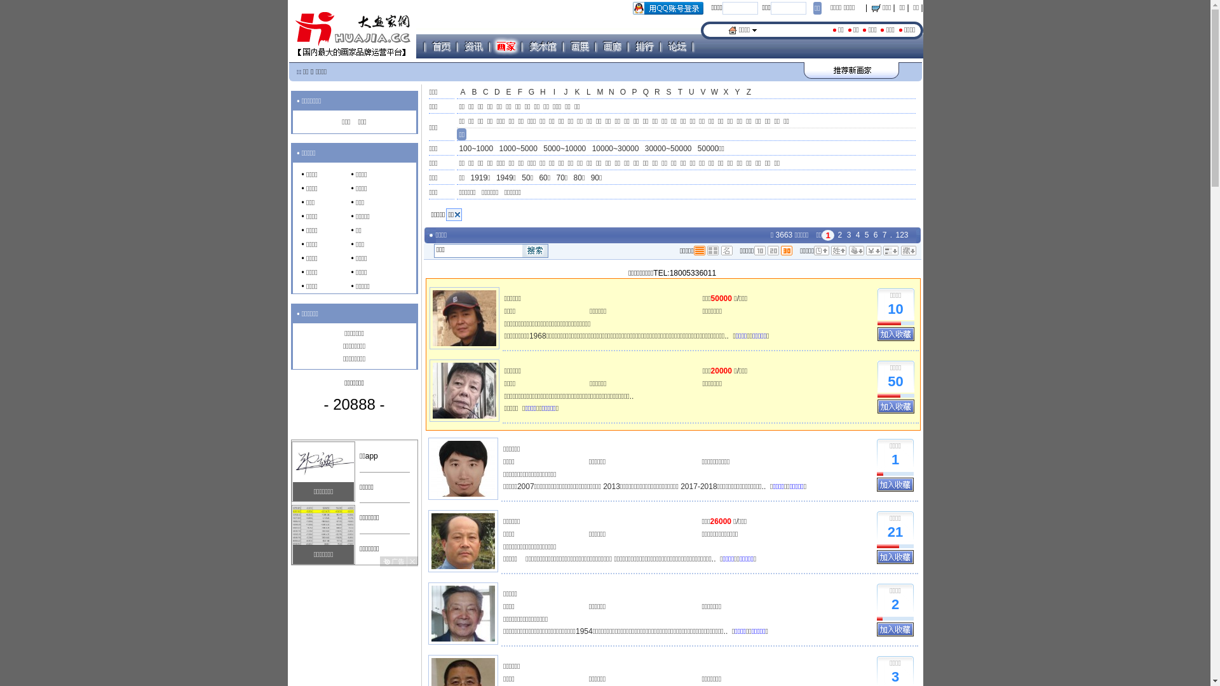 Image resolution: width=1220 pixels, height=686 pixels. Describe the element at coordinates (863, 235) in the screenshot. I see `'5'` at that location.